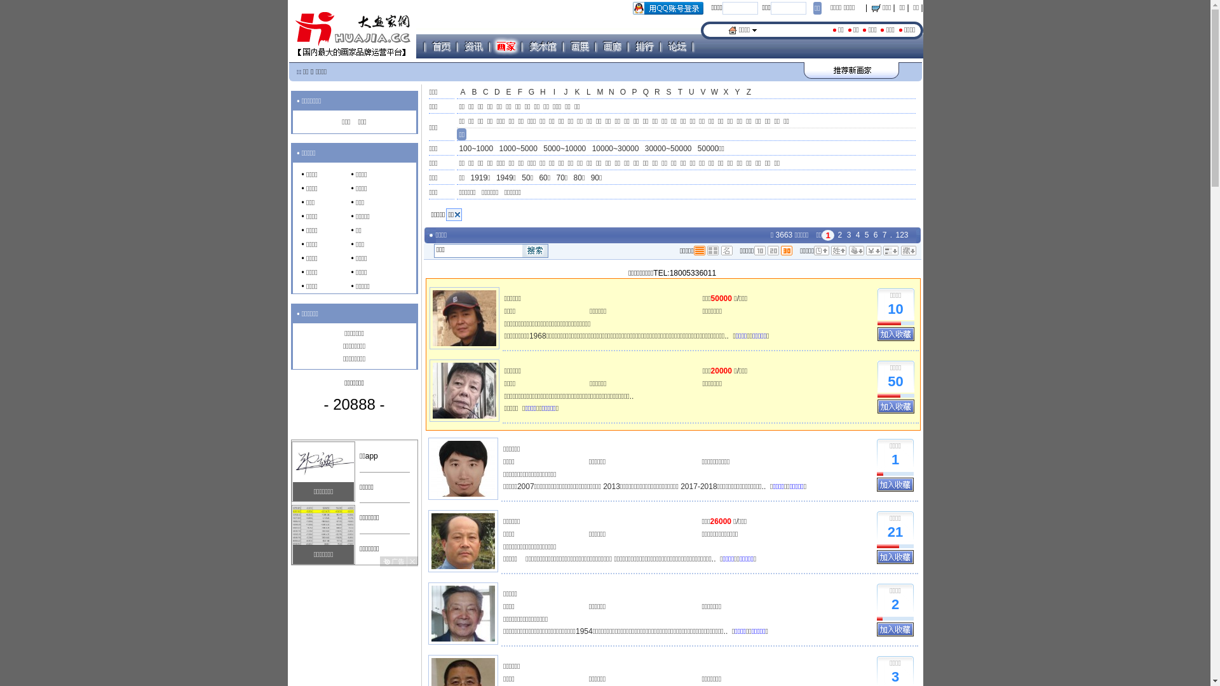 Image resolution: width=1220 pixels, height=686 pixels. Describe the element at coordinates (863, 235) in the screenshot. I see `'5'` at that location.